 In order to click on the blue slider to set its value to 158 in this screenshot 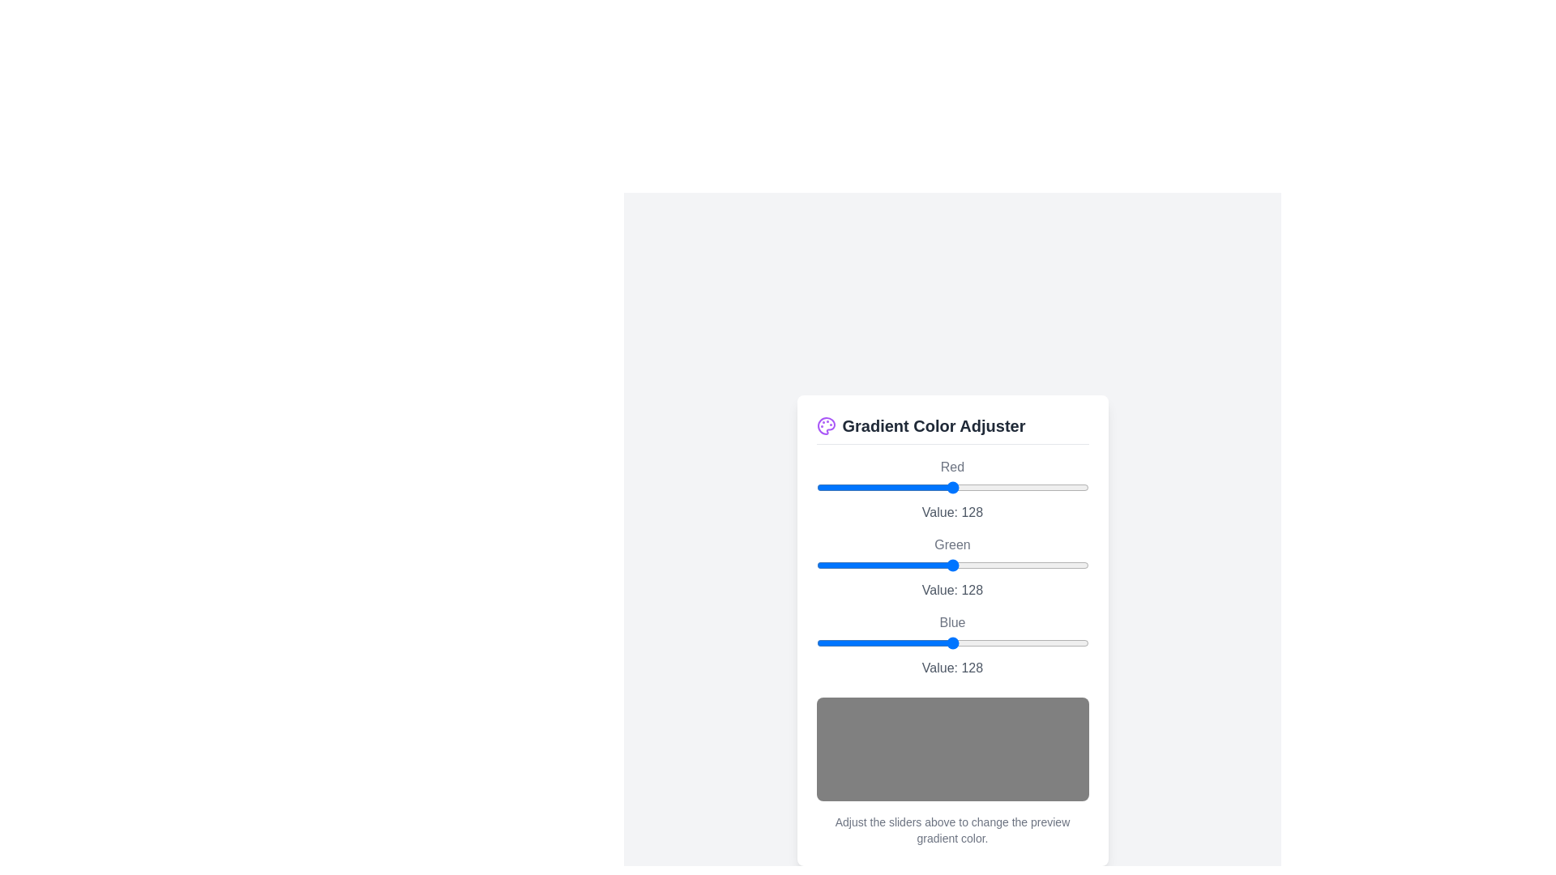, I will do `click(984, 642)`.